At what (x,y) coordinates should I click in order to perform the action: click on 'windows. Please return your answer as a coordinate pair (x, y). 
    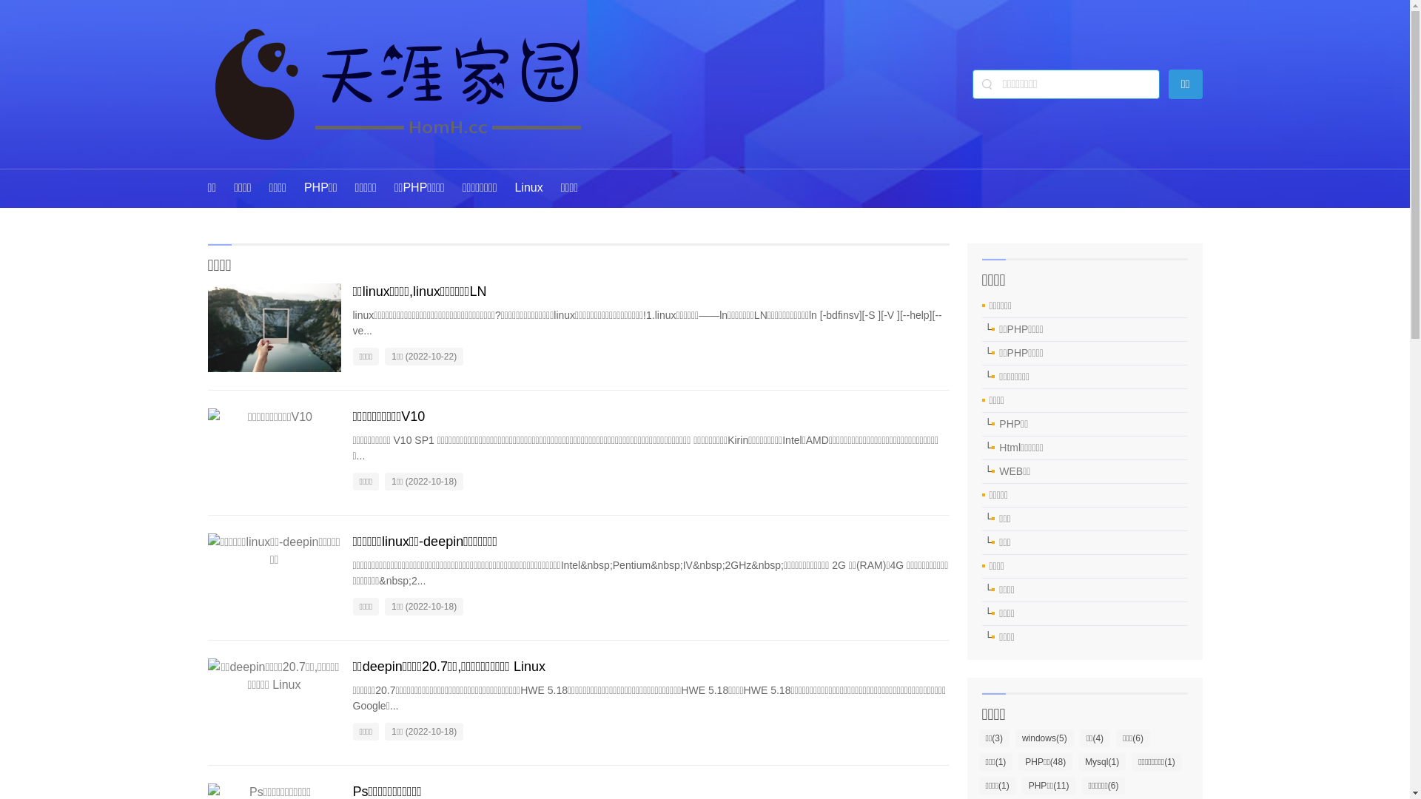
    Looking at the image, I should click on (1044, 738).